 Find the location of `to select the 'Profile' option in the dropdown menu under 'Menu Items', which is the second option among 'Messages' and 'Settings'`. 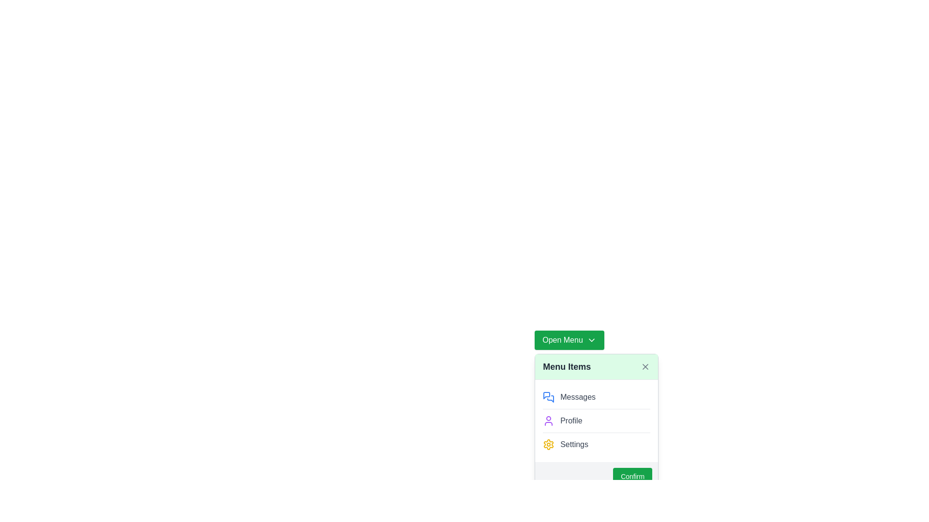

to select the 'Profile' option in the dropdown menu under 'Menu Items', which is the second option among 'Messages' and 'Settings' is located at coordinates (596, 420).